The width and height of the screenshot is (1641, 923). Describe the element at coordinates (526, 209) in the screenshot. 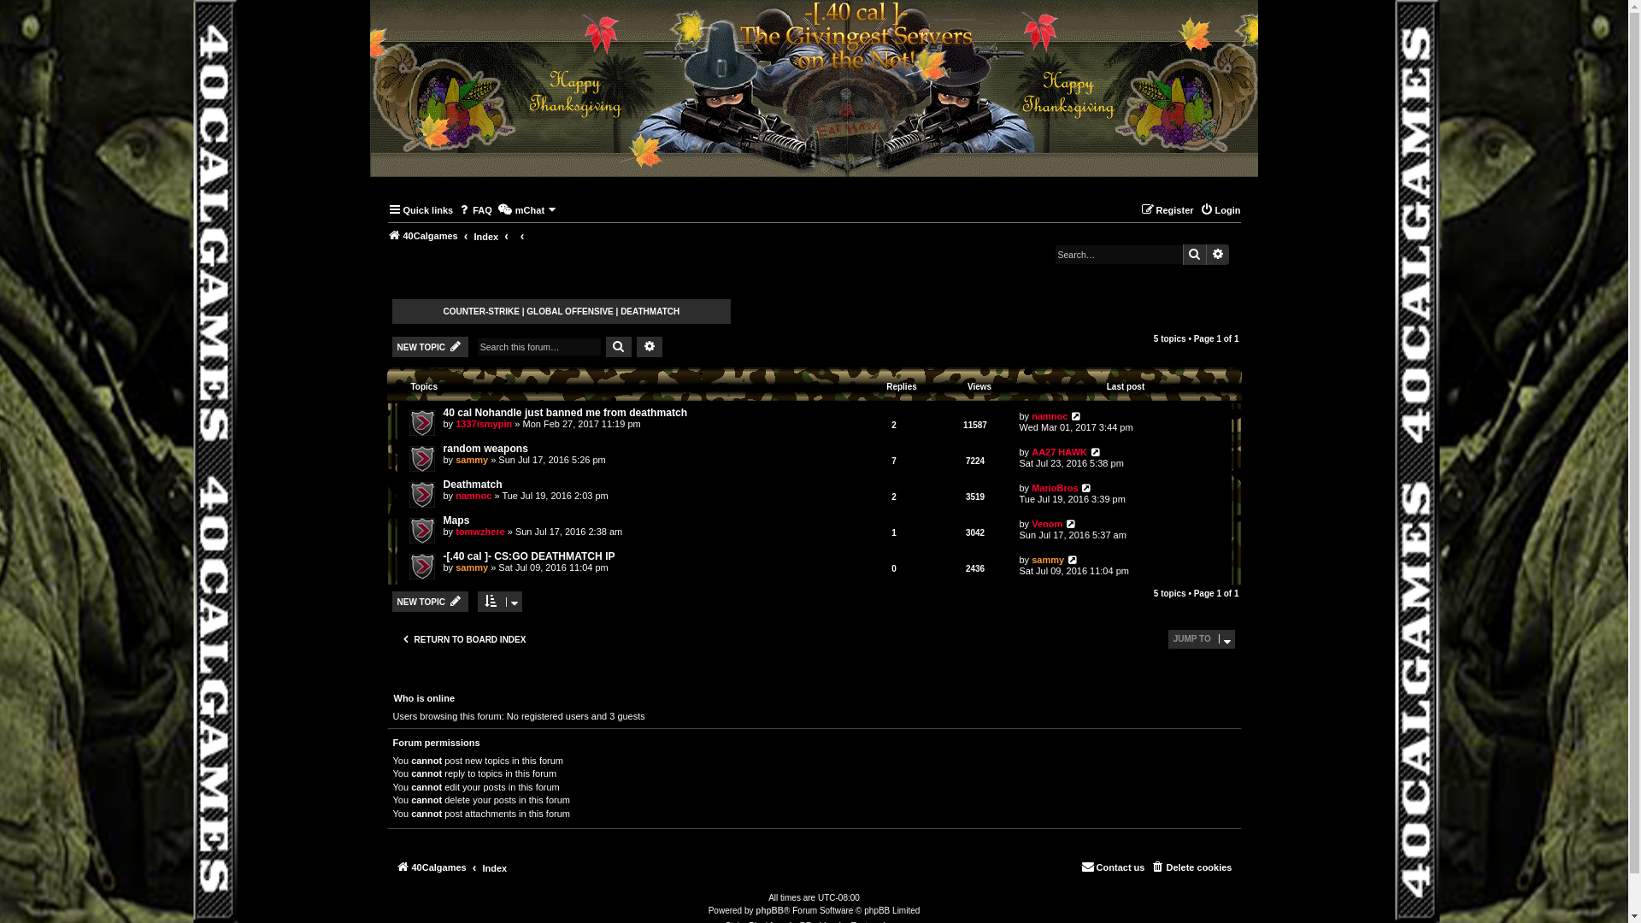

I see `'mChat'` at that location.